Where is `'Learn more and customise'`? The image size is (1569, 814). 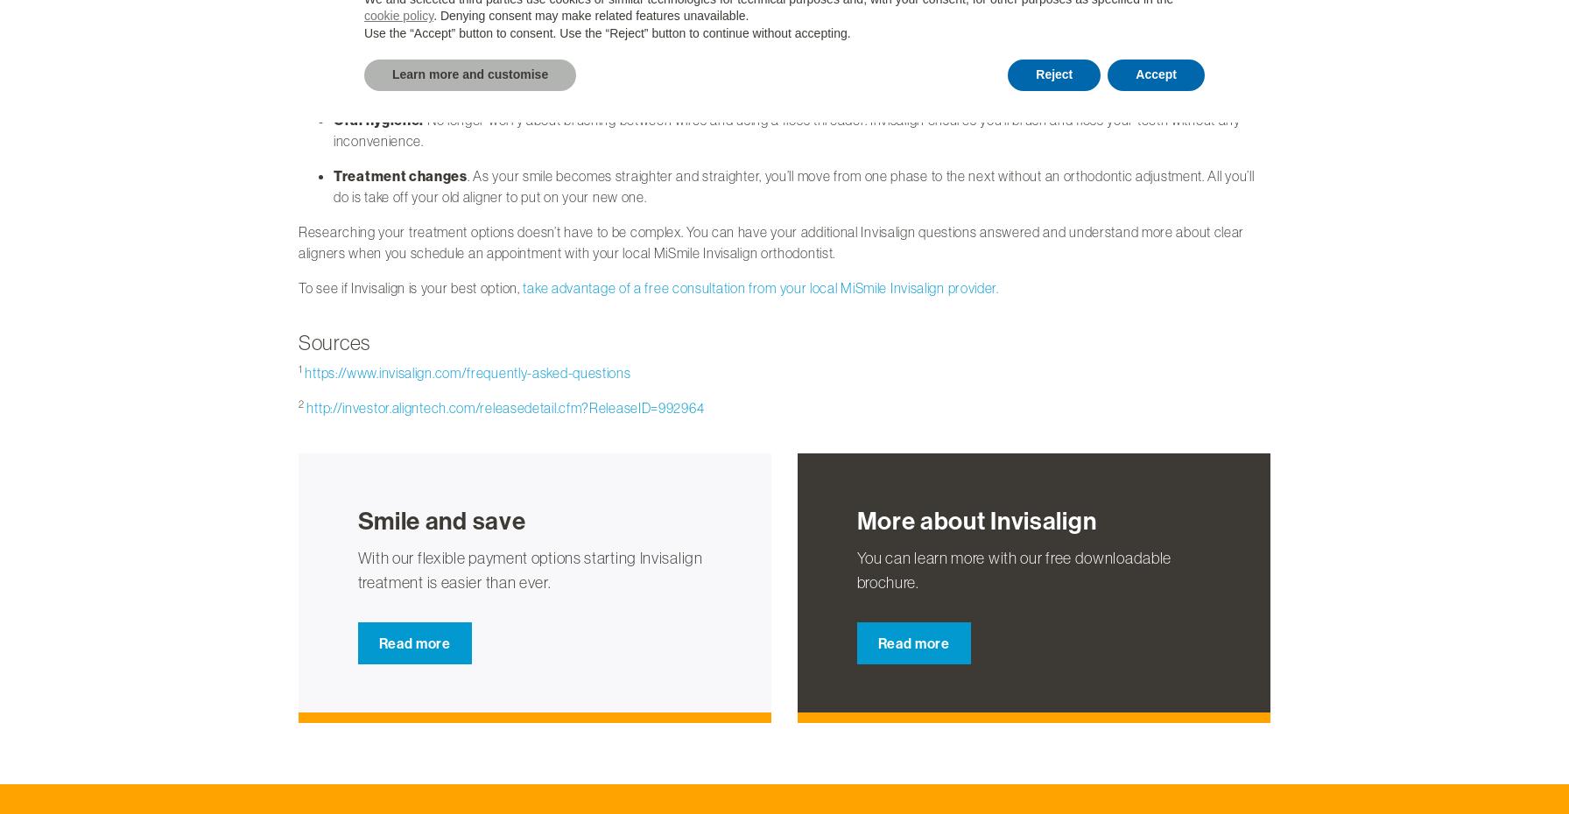
'Learn more and customise' is located at coordinates (470, 74).